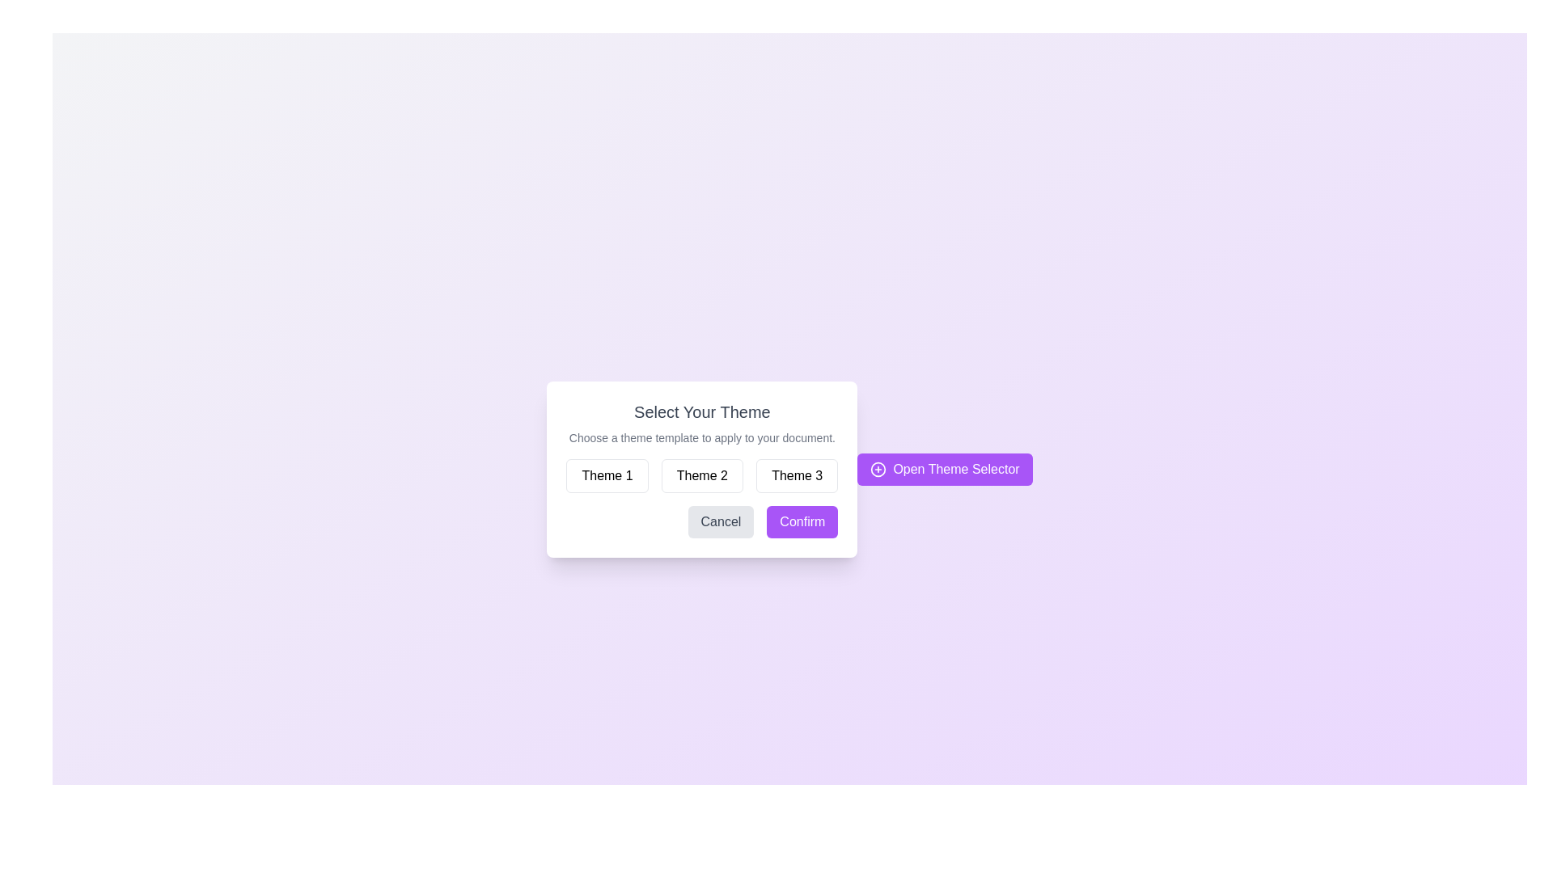 This screenshot has height=873, width=1553. Describe the element at coordinates (702, 438) in the screenshot. I see `static text instruction 'Choose a theme template to apply to your document.' displayed in gray color below the title 'Select Your Theme' in the modal dialog box` at that location.